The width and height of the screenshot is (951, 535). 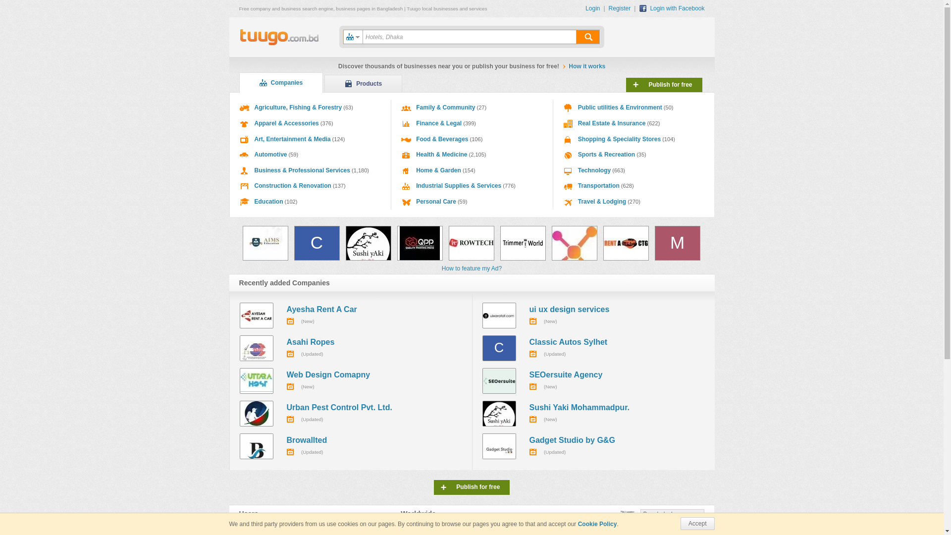 I want to click on ' Shopping & Speciality Stores (104)', so click(x=634, y=139).